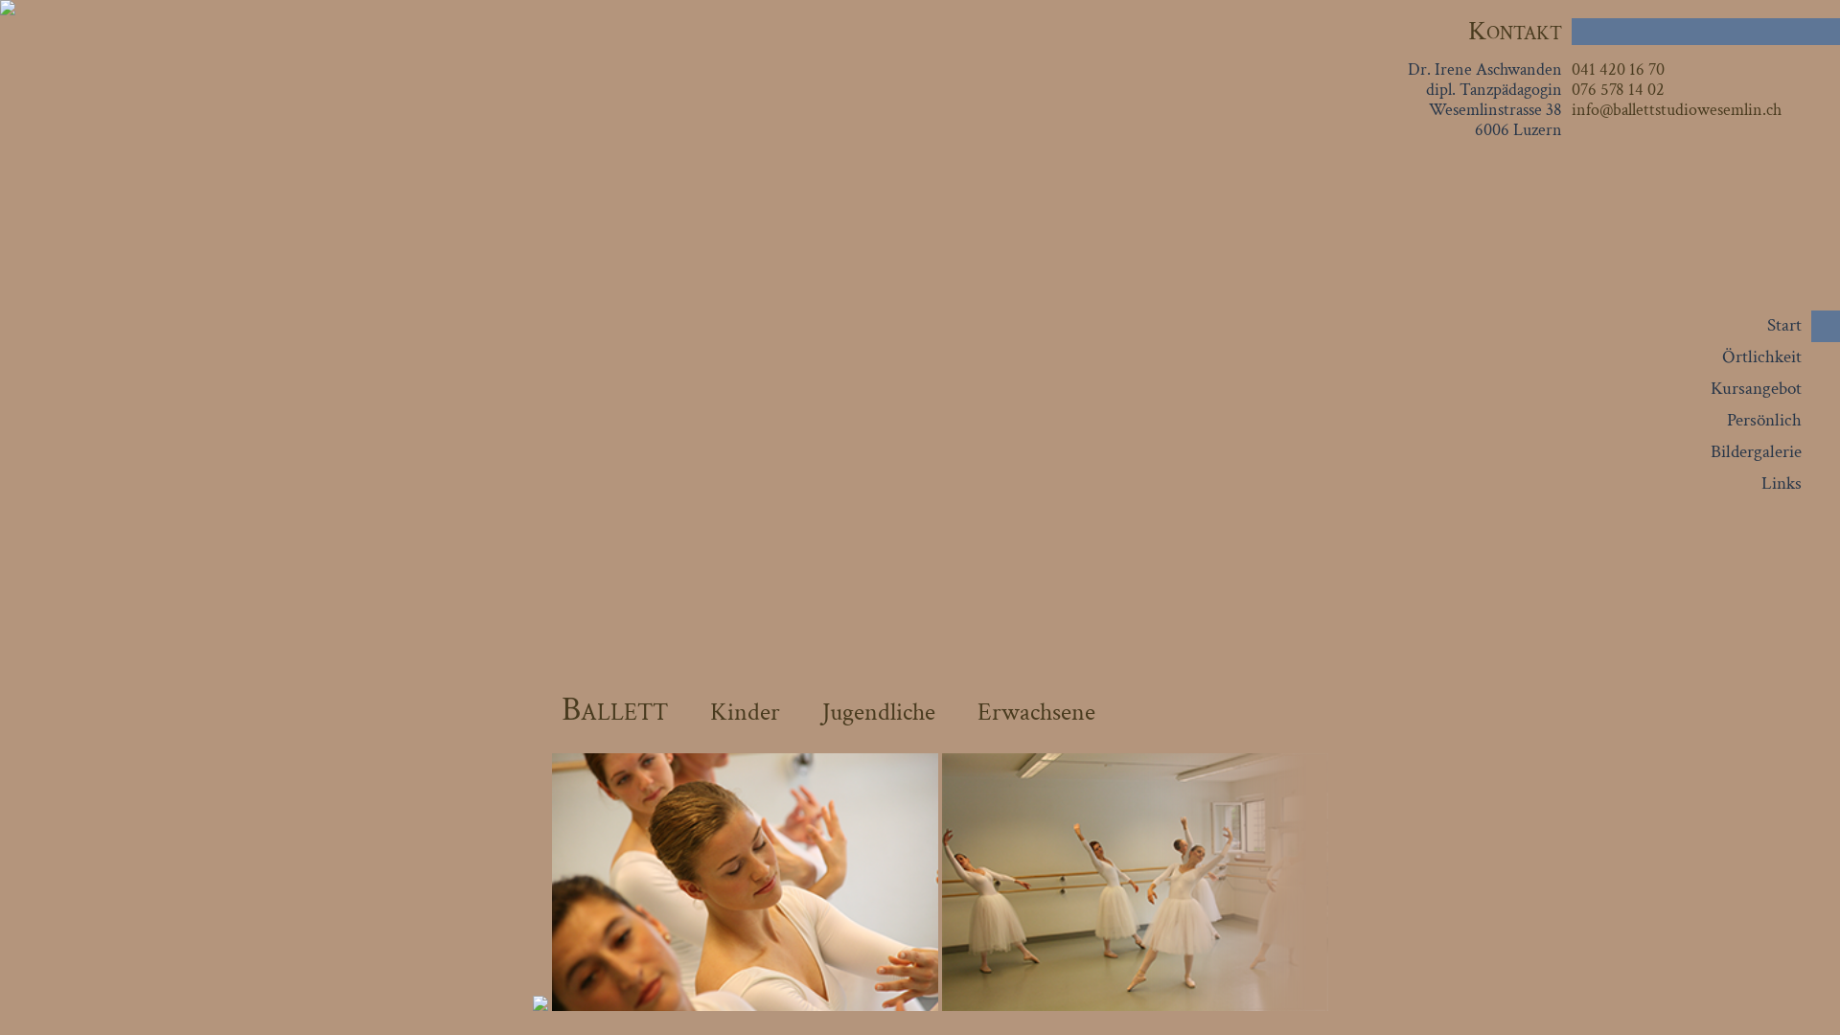 Image resolution: width=1840 pixels, height=1035 pixels. I want to click on 'Links', so click(1780, 482).